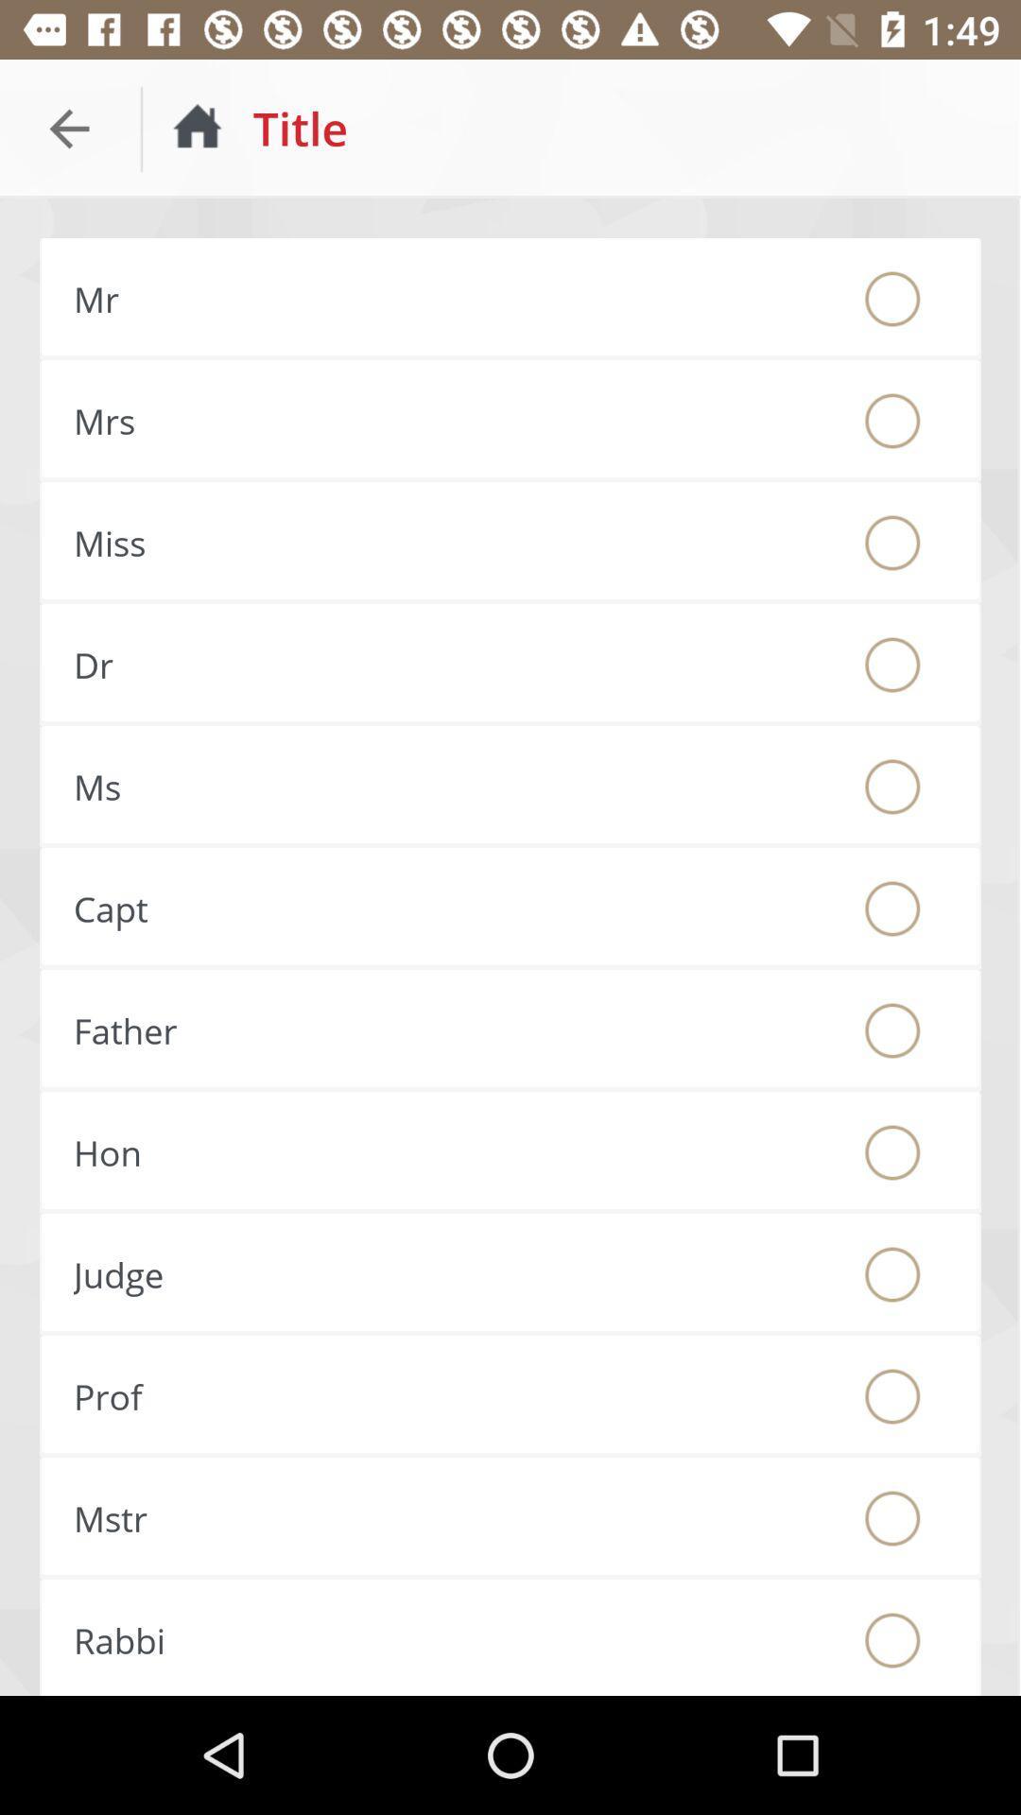 This screenshot has height=1815, width=1021. What do you see at coordinates (892, 1639) in the screenshot?
I see `title for name` at bounding box center [892, 1639].